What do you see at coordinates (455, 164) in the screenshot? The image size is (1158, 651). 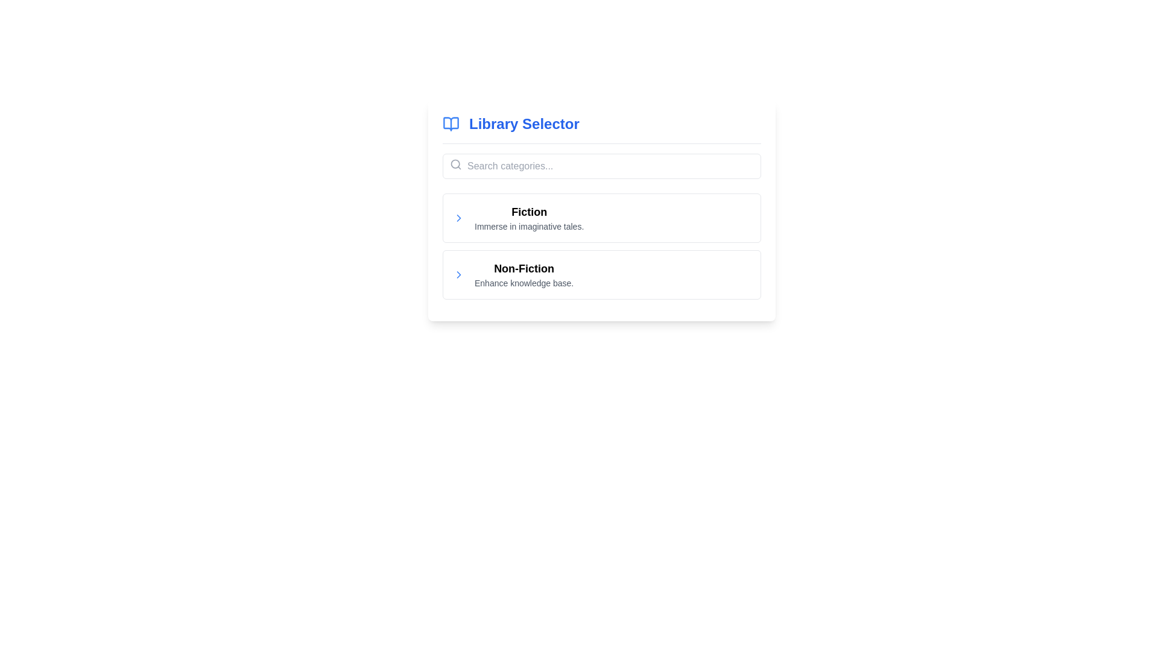 I see `the SVG circle representing the lens of the magnifying glass icon, which indicates search functionality to users` at bounding box center [455, 164].